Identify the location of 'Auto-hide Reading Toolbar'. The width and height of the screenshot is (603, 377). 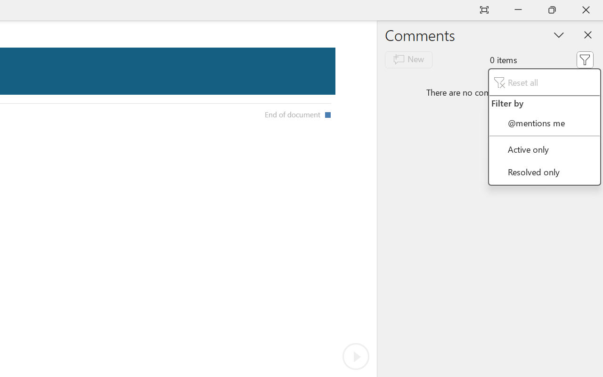
(484, 10).